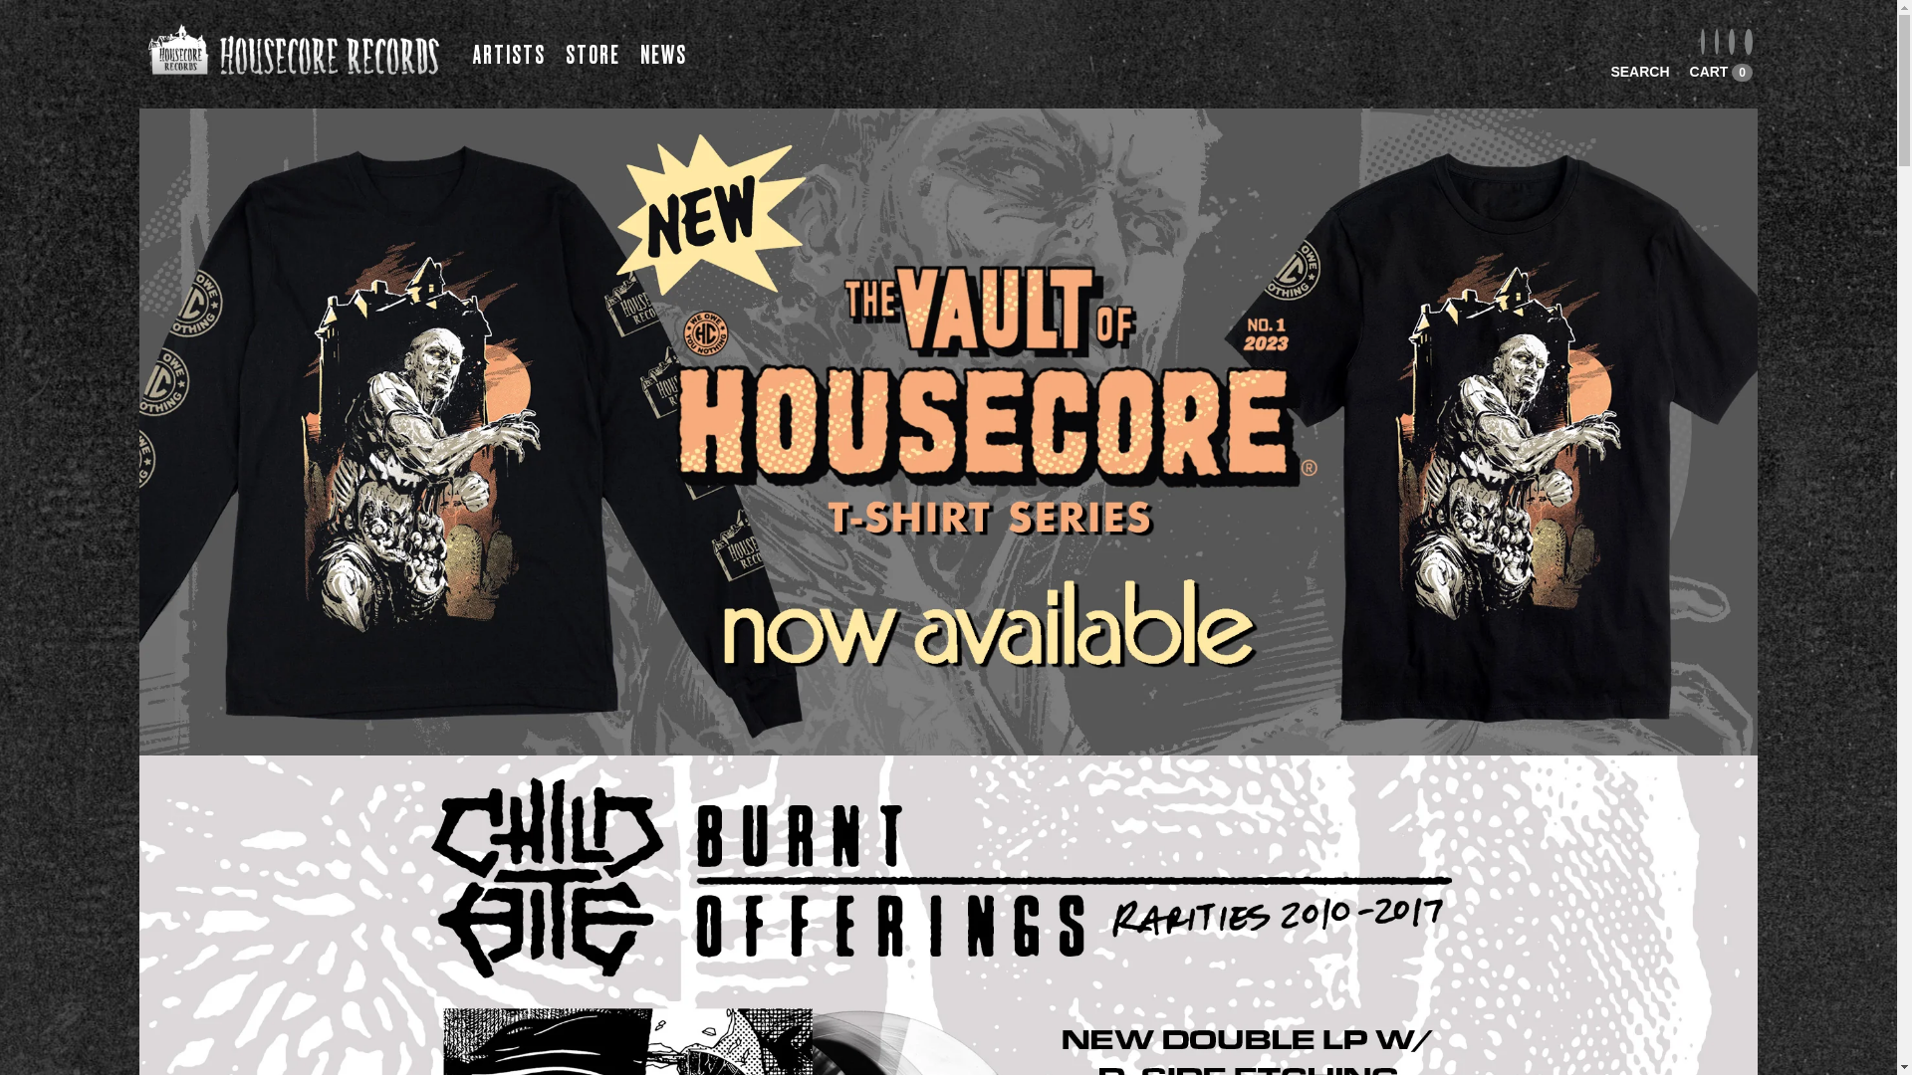 This screenshot has height=1075, width=1912. What do you see at coordinates (1748, 42) in the screenshot?
I see `'youtube'` at bounding box center [1748, 42].